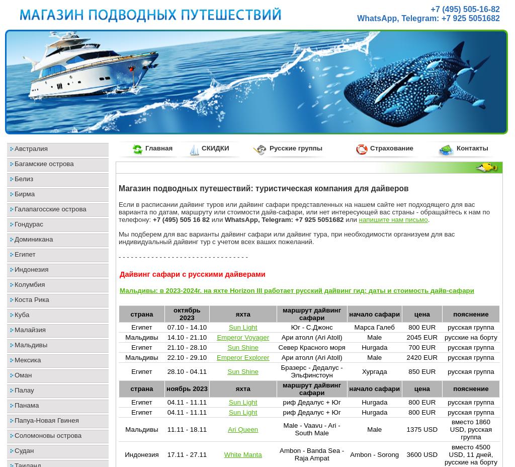 Image resolution: width=515 pixels, height=467 pixels. Describe the element at coordinates (470, 429) in the screenshot. I see `'вместо 1860 USD, русская группа'` at that location.